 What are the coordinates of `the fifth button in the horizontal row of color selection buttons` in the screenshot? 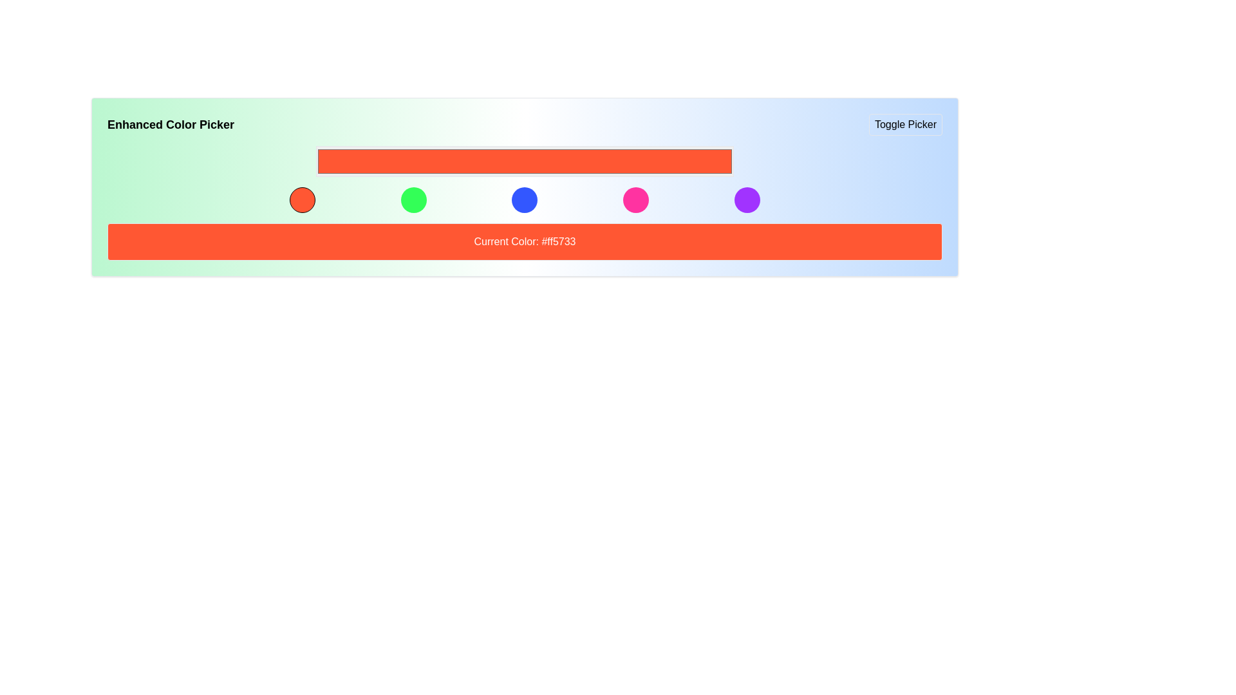 It's located at (747, 200).